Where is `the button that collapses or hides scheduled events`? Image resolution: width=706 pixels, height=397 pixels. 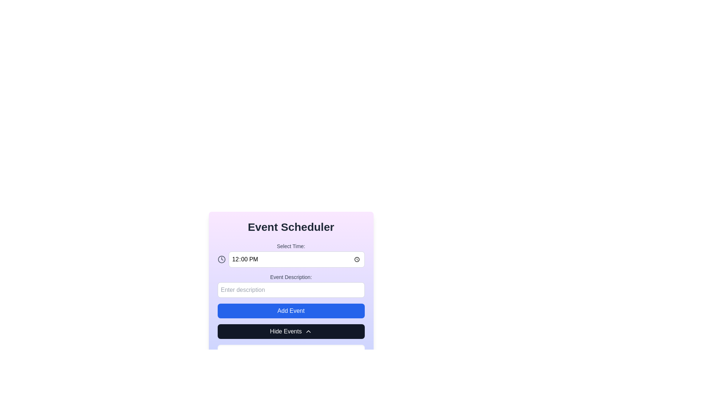 the button that collapses or hides scheduled events is located at coordinates (290, 332).